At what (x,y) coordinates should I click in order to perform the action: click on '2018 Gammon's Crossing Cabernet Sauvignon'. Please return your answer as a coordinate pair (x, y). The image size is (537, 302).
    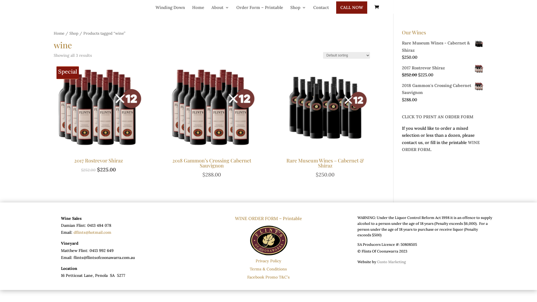
    Looking at the image, I should click on (442, 88).